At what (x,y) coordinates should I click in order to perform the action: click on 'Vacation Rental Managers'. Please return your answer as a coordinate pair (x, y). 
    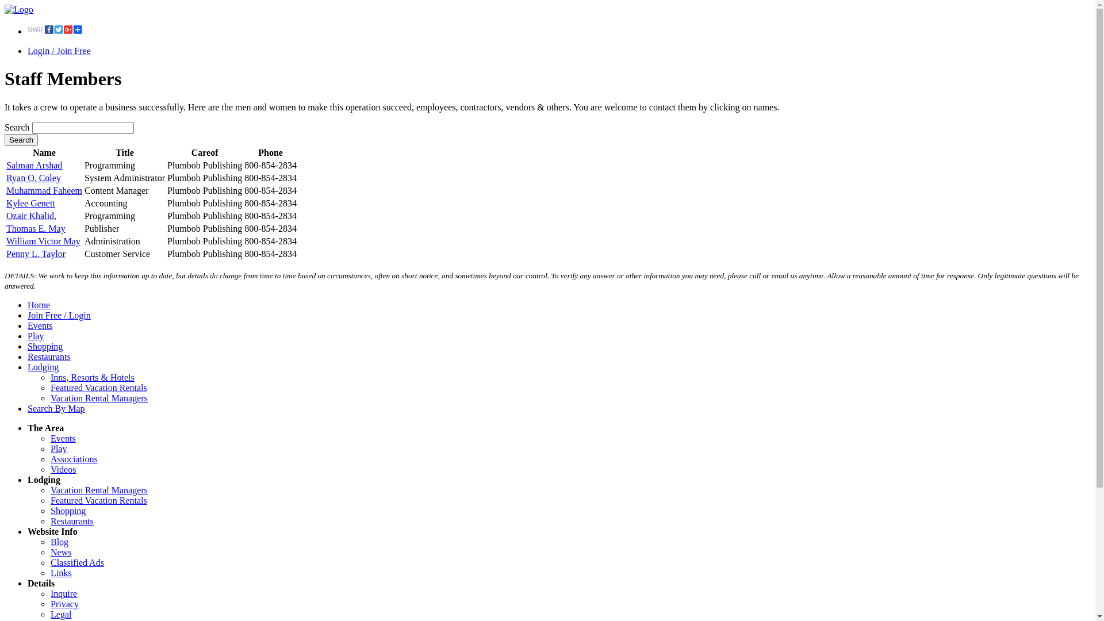
    Looking at the image, I should click on (49, 397).